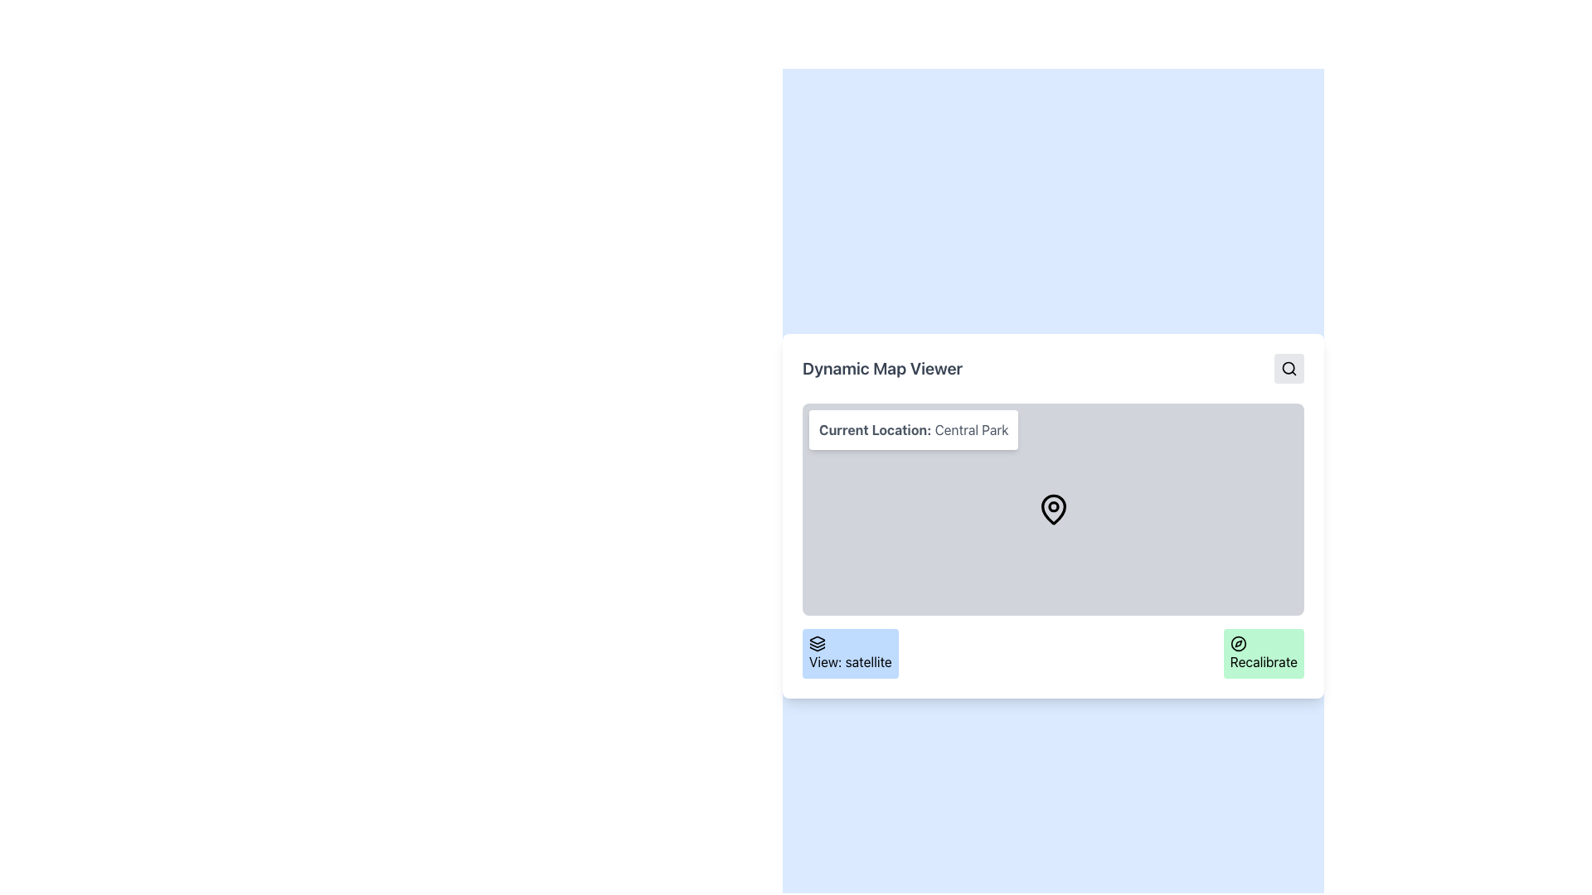 This screenshot has width=1592, height=895. What do you see at coordinates (1238, 642) in the screenshot?
I see `the compass-like icon within the 'Recalibrate' button located at the bottom-right corner of the main interface` at bounding box center [1238, 642].